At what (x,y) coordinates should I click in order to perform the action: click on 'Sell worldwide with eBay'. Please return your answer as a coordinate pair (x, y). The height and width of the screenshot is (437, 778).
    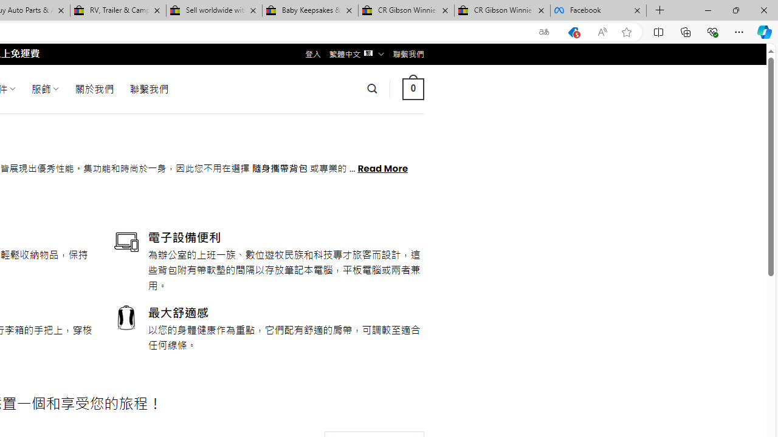
    Looking at the image, I should click on (214, 10).